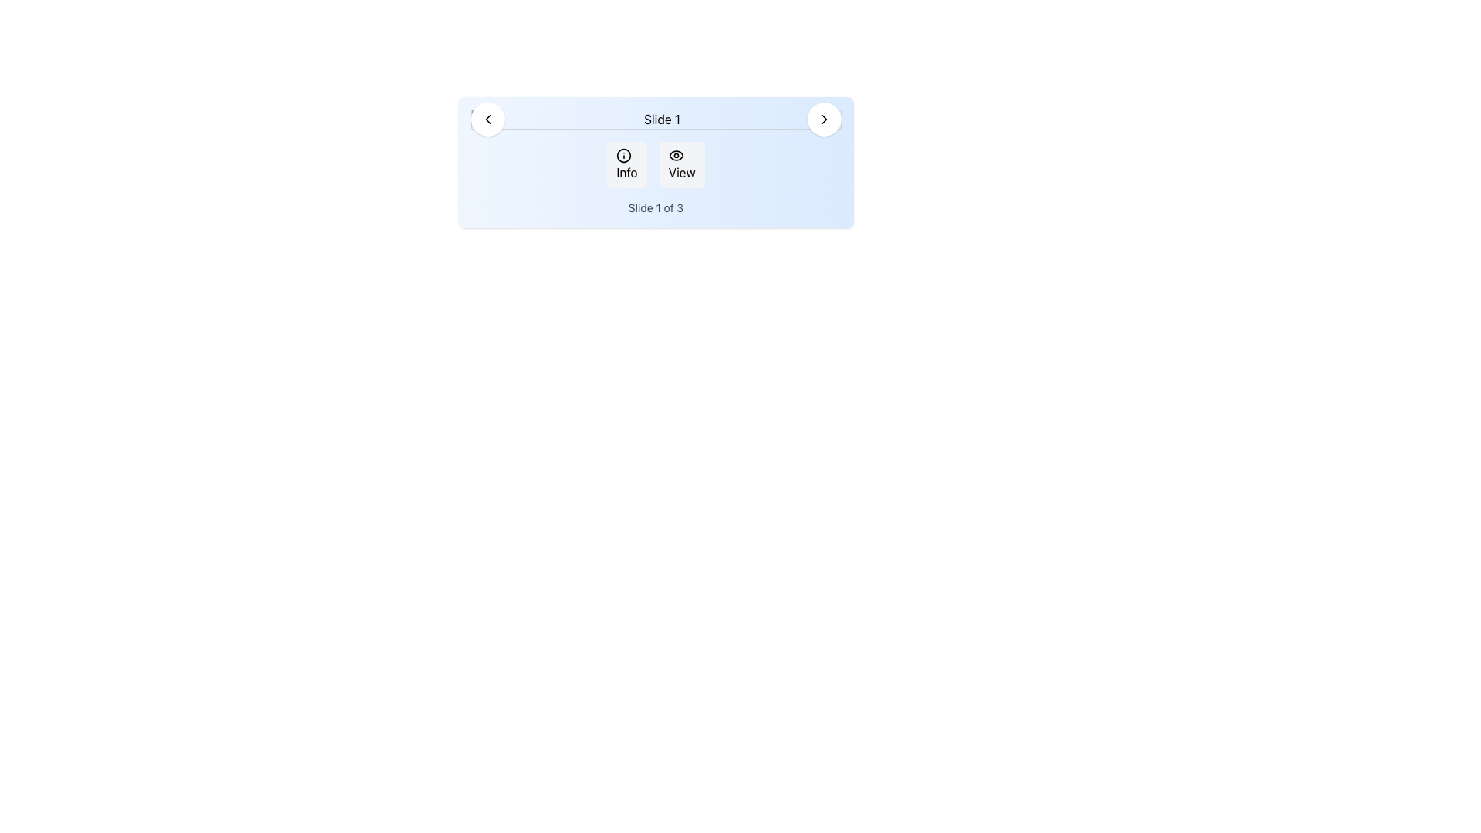 The width and height of the screenshot is (1481, 833). What do you see at coordinates (624, 155) in the screenshot?
I see `the 'Info' icon component, which visually represents an information symbol and is part of the 'Info' button located to the left of the 'View' button in the 'Slide 1' panel` at bounding box center [624, 155].